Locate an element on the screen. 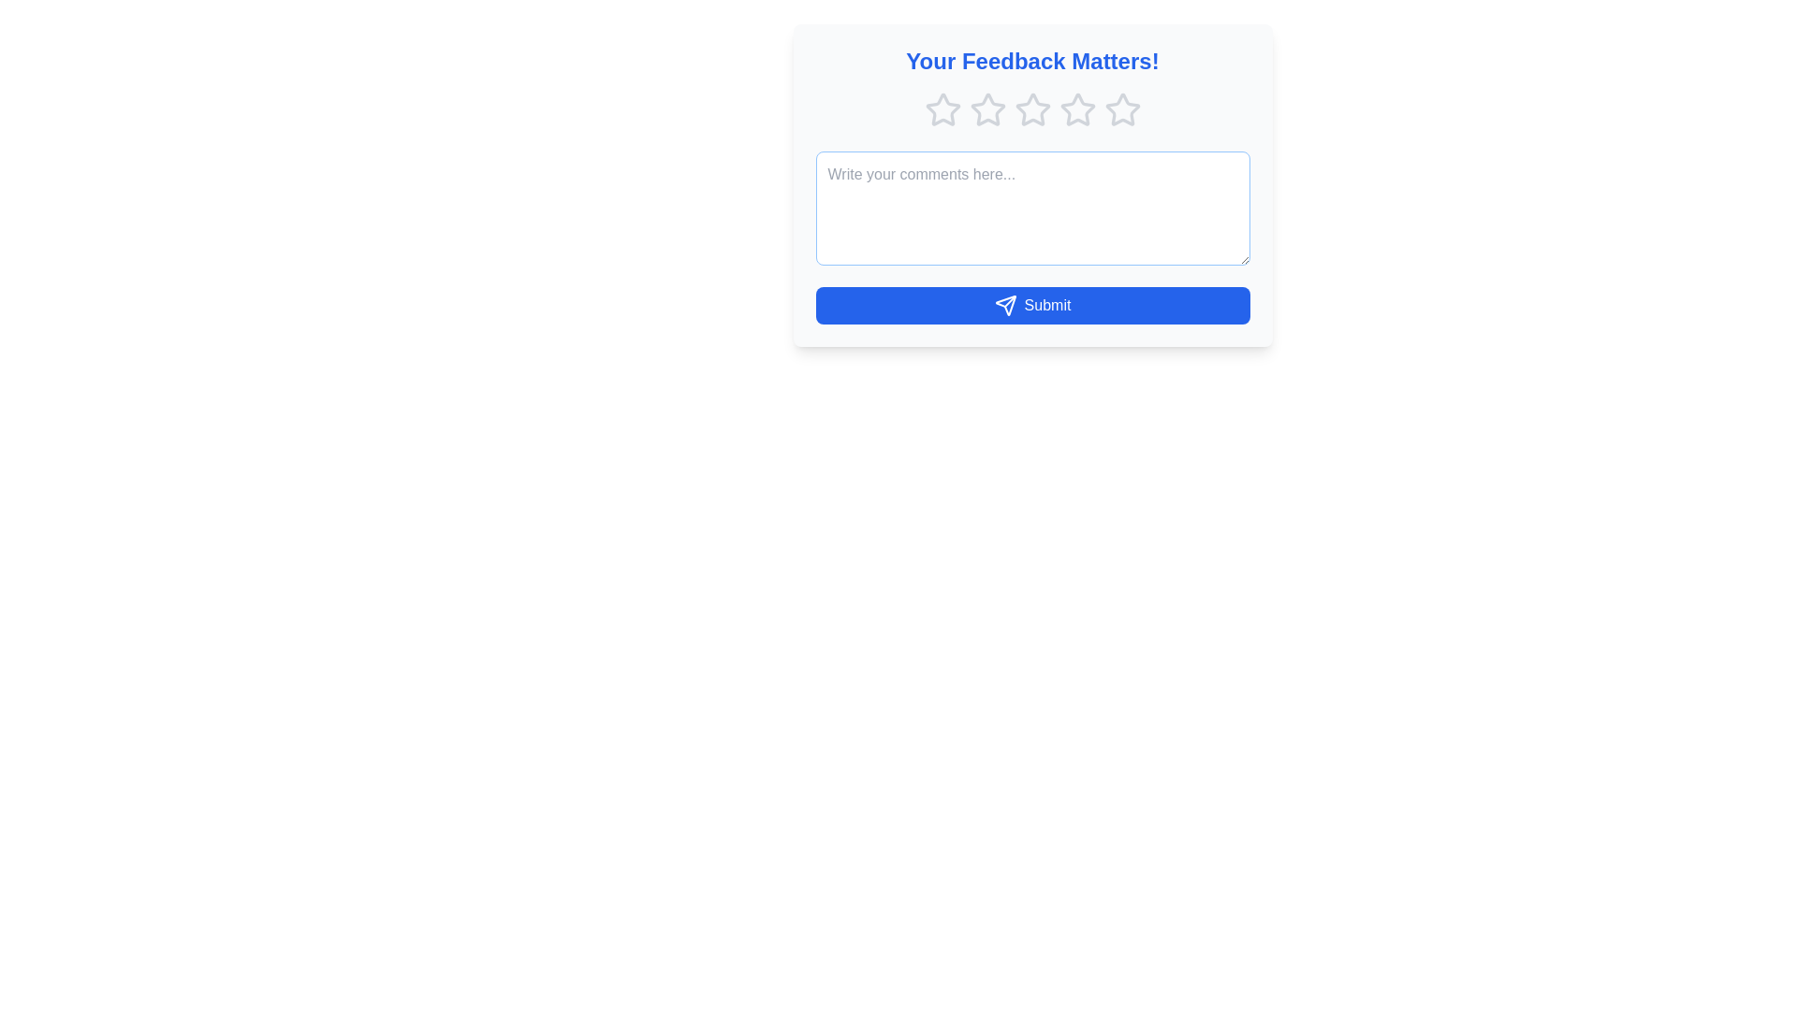 This screenshot has height=1010, width=1797. the fifth star icon, which is light gray and part of the rating mechanism is located at coordinates (1122, 110).